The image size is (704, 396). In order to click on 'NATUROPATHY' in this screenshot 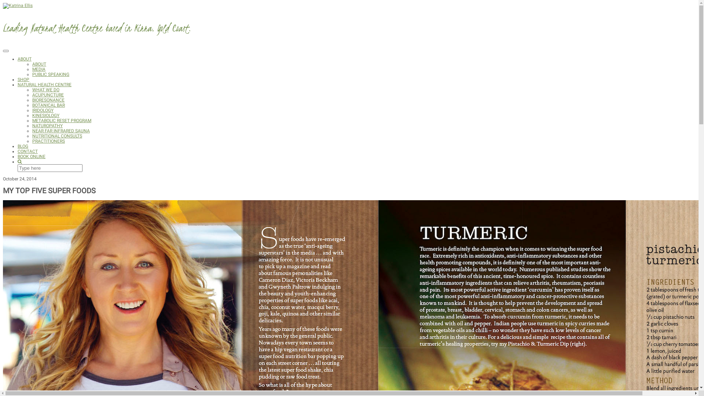, I will do `click(47, 125)`.